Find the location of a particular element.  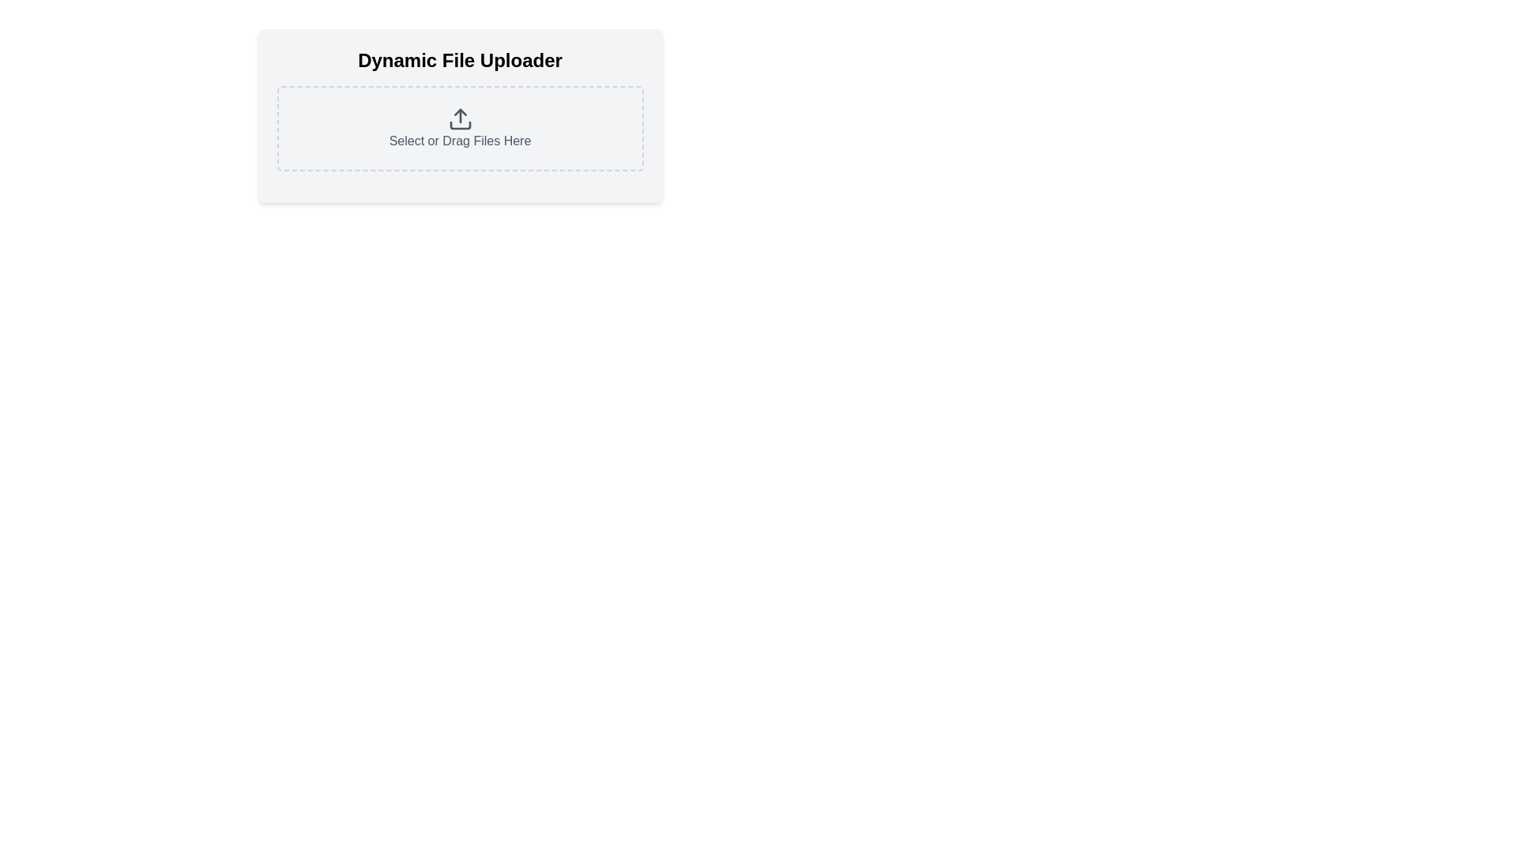

the File upload area labeled 'Select or Drag Files Here' is located at coordinates (459, 127).